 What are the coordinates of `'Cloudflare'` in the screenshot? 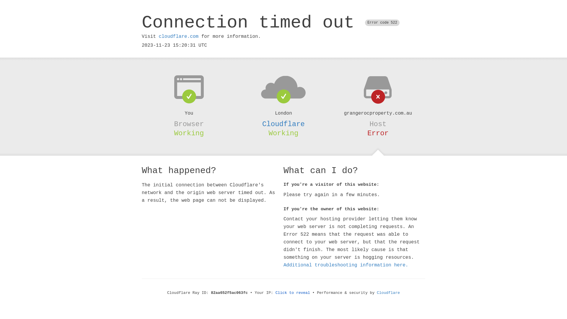 It's located at (283, 124).